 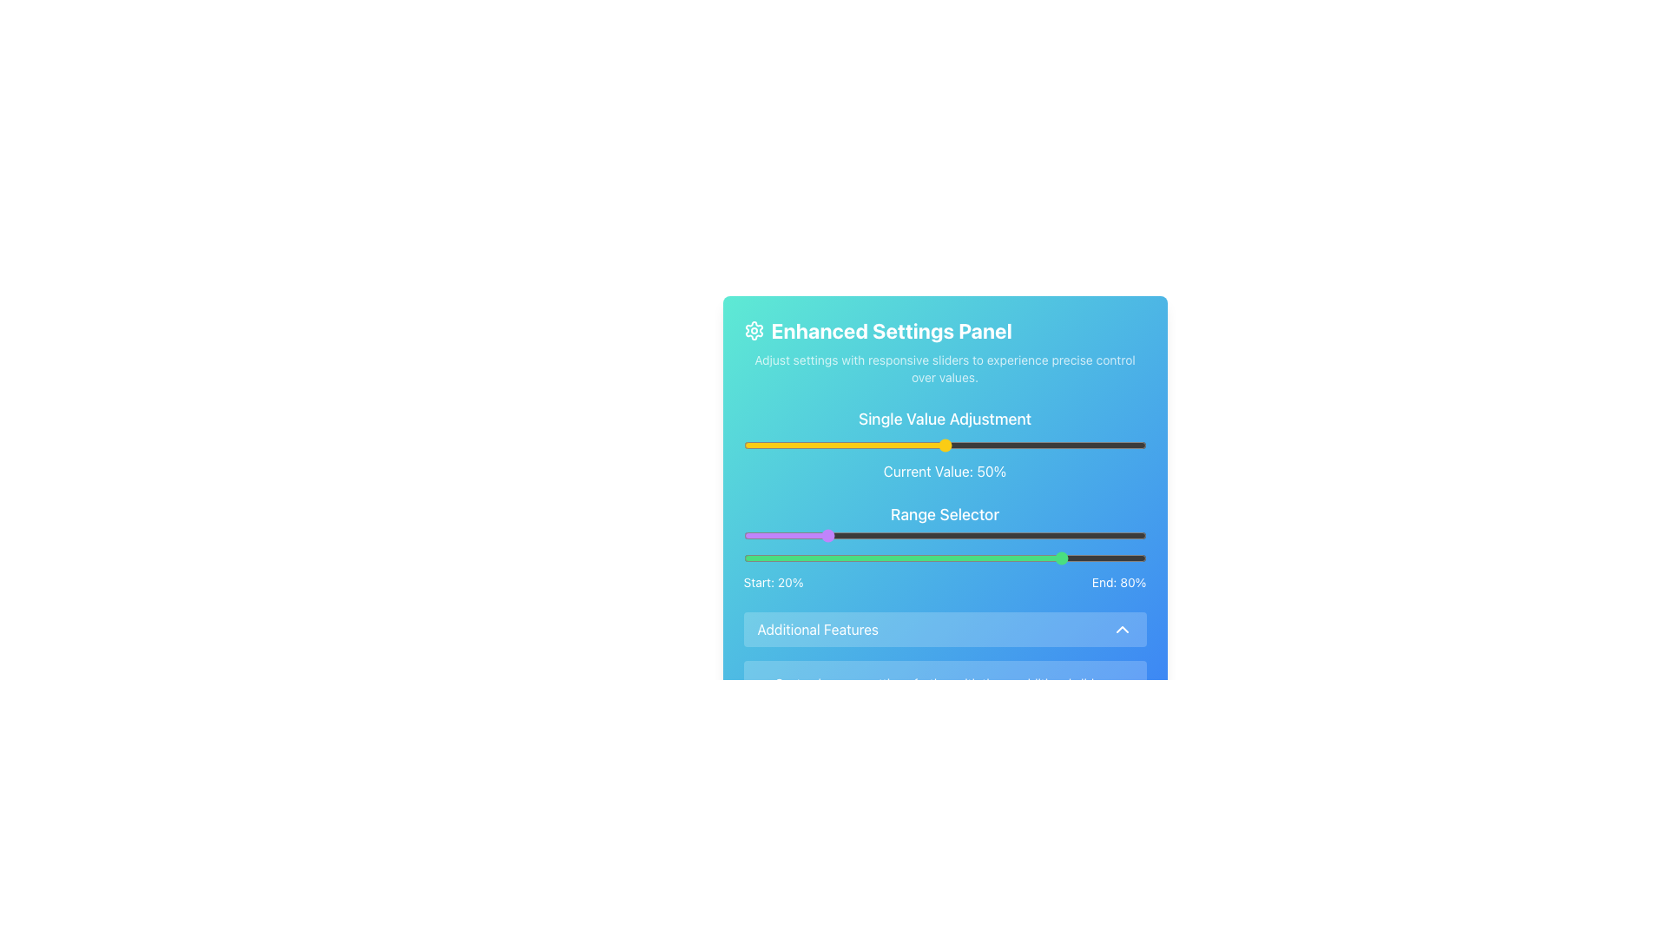 I want to click on the range slider, so click(x=989, y=535).